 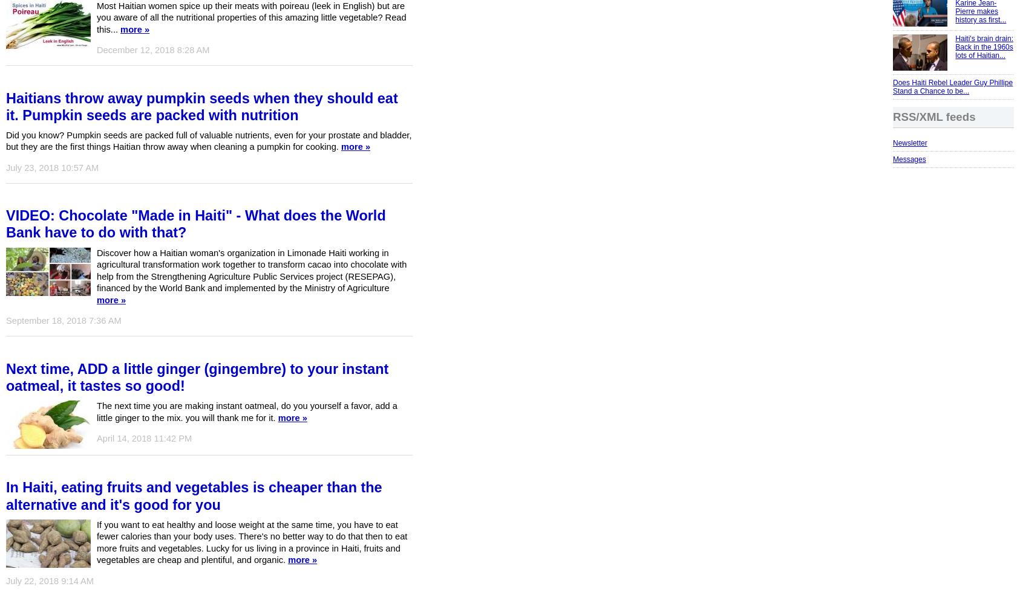 I want to click on 'RSS/XML feeds', so click(x=892, y=117).